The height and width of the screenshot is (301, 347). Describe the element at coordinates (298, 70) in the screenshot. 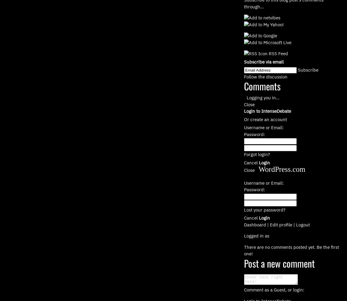

I see `'Subscribe'` at that location.